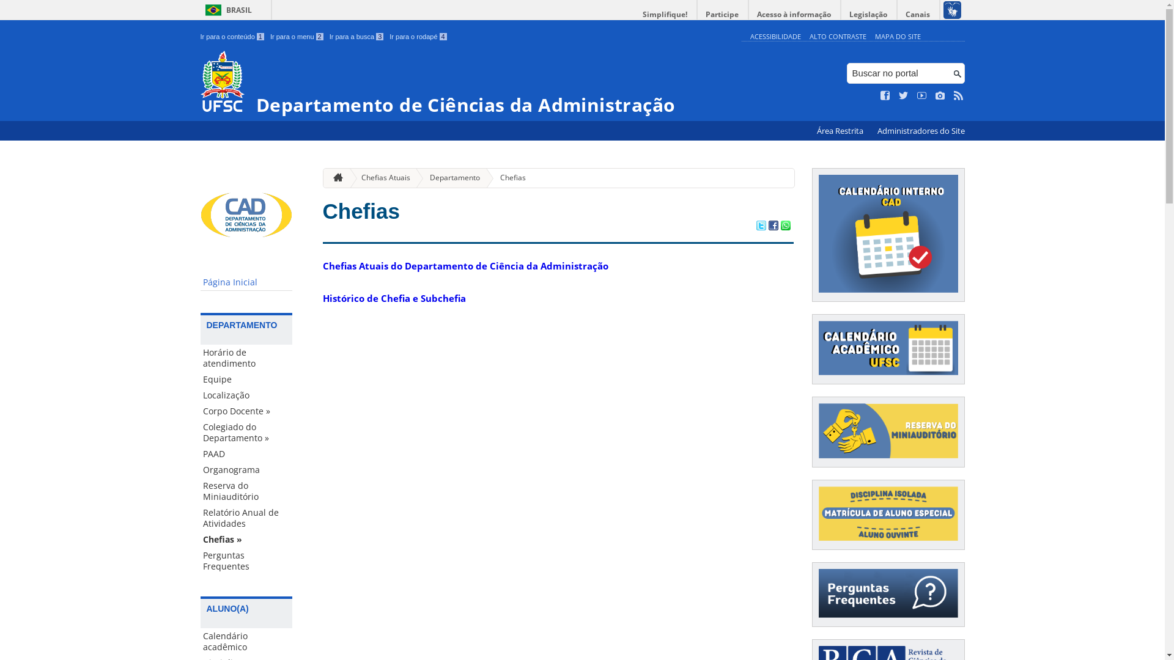 Image resolution: width=1174 pixels, height=660 pixels. What do you see at coordinates (297, 36) in the screenshot?
I see `'Ir para o menu 2'` at bounding box center [297, 36].